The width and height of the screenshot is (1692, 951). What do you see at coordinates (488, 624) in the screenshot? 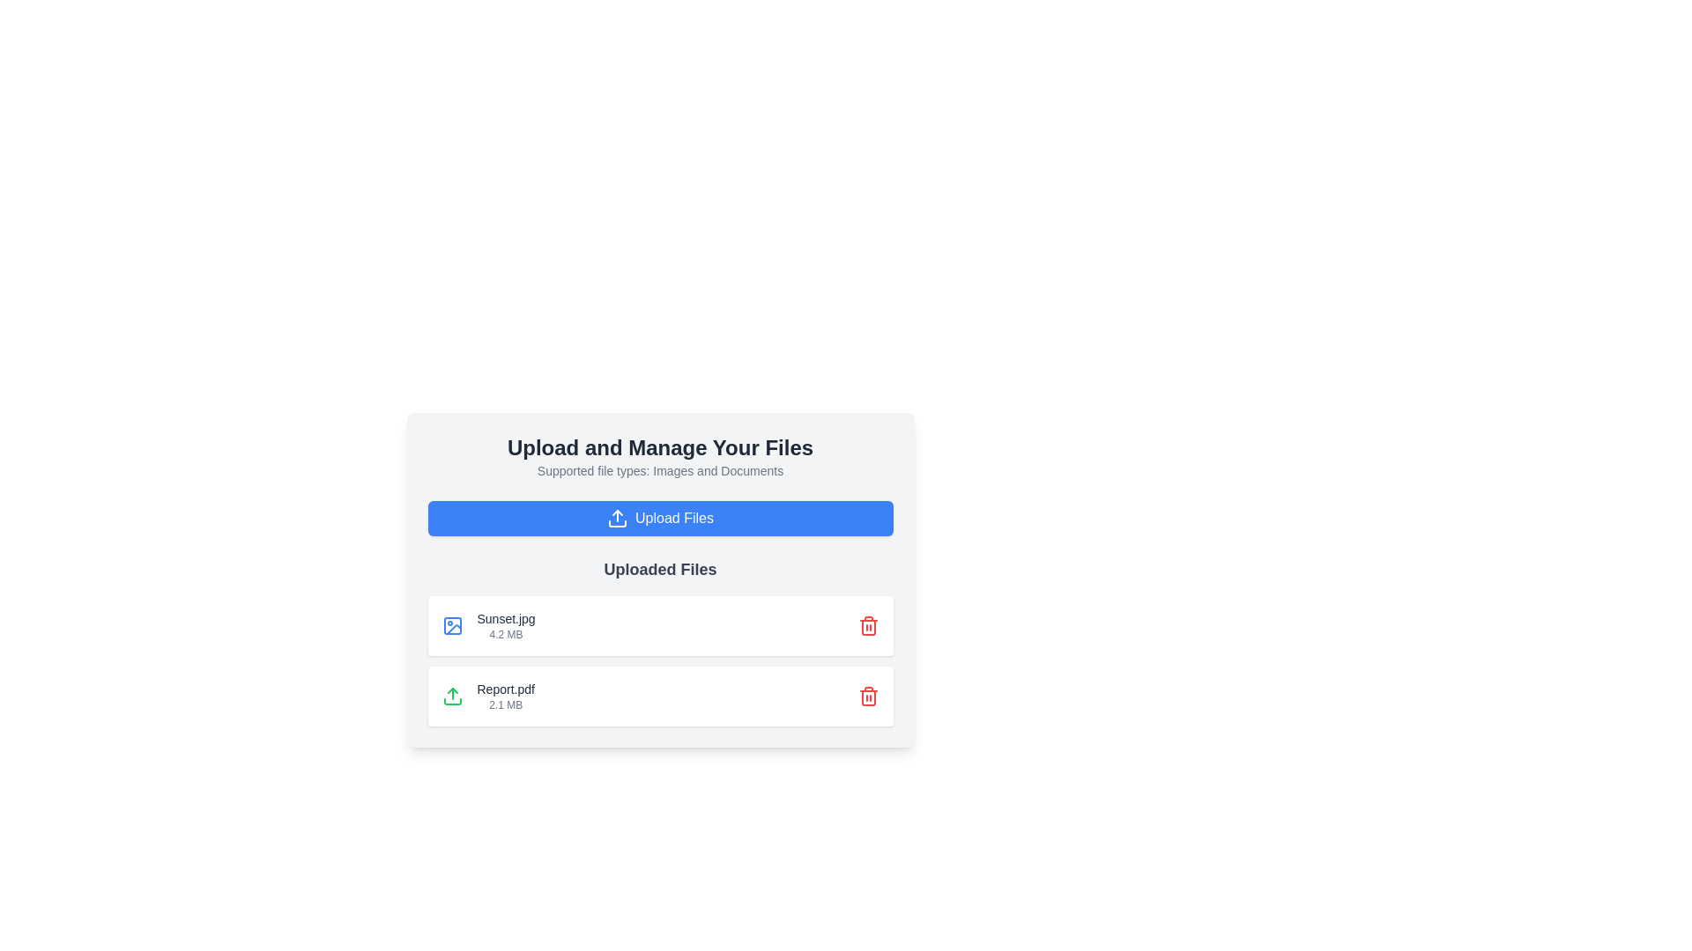
I see `the first file entry displaying 'Sunset.jpg' with a size indicator of '4.2 MB', located below the 'Upload Files' button` at bounding box center [488, 624].